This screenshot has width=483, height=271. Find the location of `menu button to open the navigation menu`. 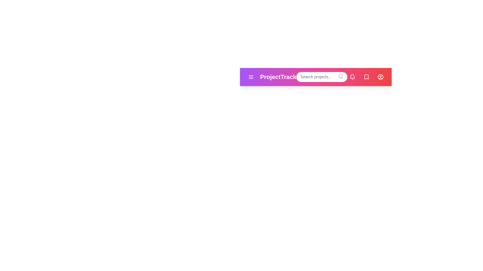

menu button to open the navigation menu is located at coordinates (251, 77).